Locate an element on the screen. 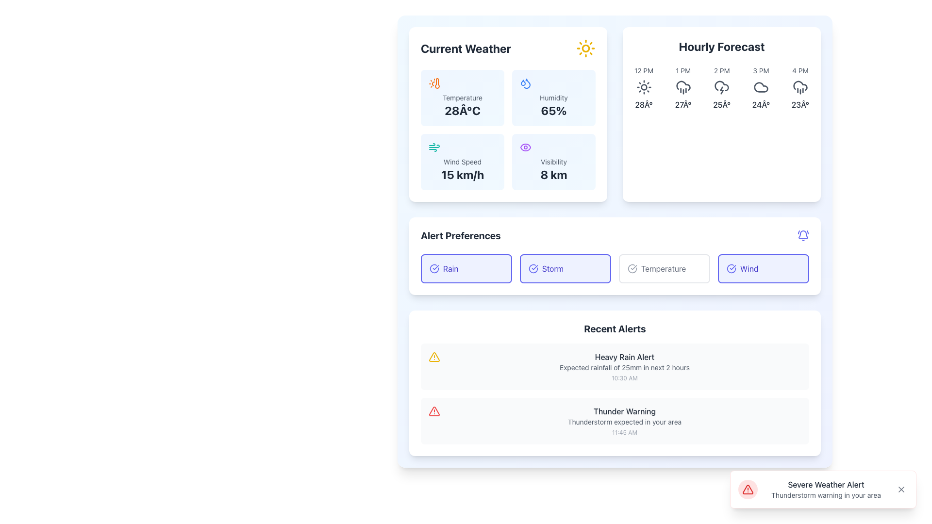 Image resolution: width=932 pixels, height=524 pixels. the 'Storm' button with a soft blue background and purple border is located at coordinates (566, 269).